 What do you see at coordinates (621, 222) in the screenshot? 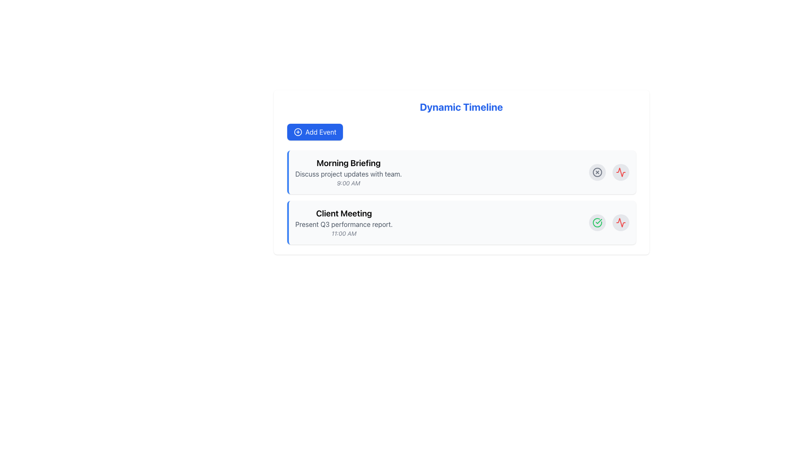
I see `the red-stroked activity icon in the shape of a waveform located on the right side of the 'Morning Briefing' event block` at bounding box center [621, 222].